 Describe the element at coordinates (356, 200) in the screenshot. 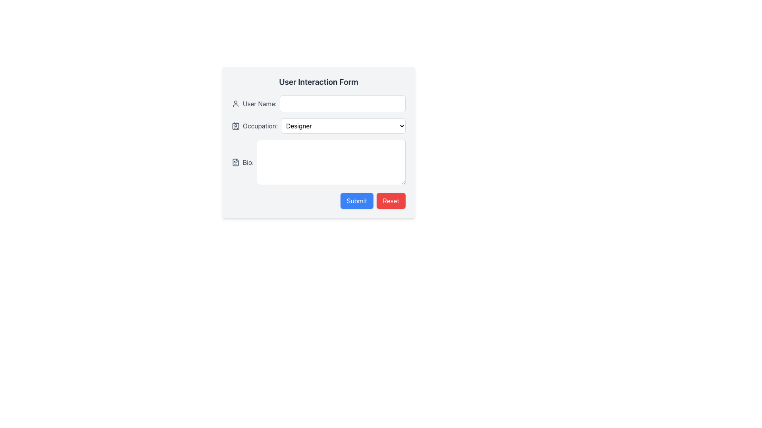

I see `the submit button located at the bottom-right of the interface, positioned to the left of the 'Reset' button` at that location.